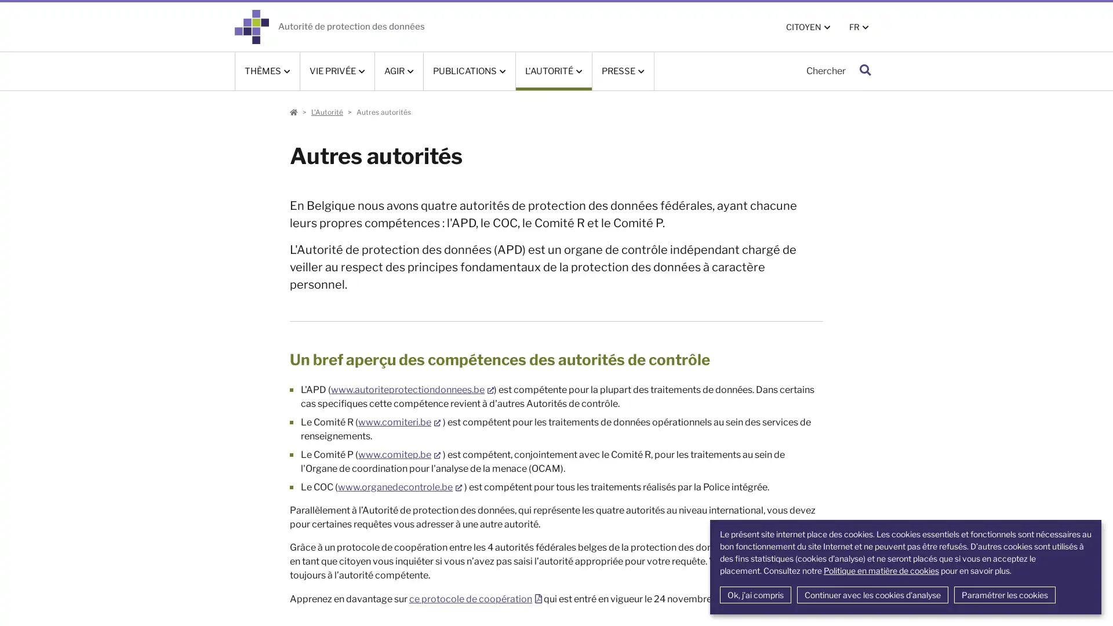  What do you see at coordinates (872, 595) in the screenshot?
I see `Continuer avec les cookies d'analyse` at bounding box center [872, 595].